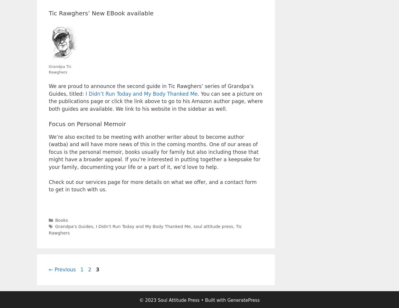 This screenshot has height=308, width=399. I want to click on 'Check out our services page for more details on what we offer, and a contact form to get in touch with us.', so click(152, 185).